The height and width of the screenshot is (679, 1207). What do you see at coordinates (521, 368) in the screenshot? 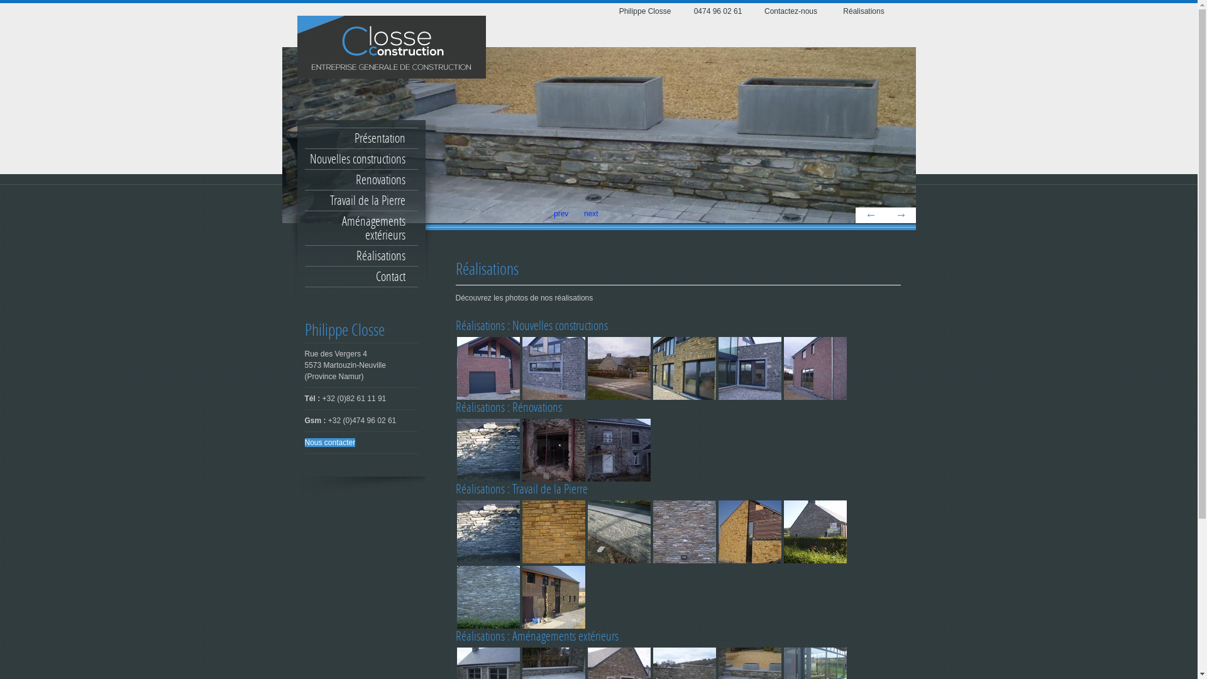
I see `'OLYMPUS DIGITAL CAMERA         '` at bounding box center [521, 368].